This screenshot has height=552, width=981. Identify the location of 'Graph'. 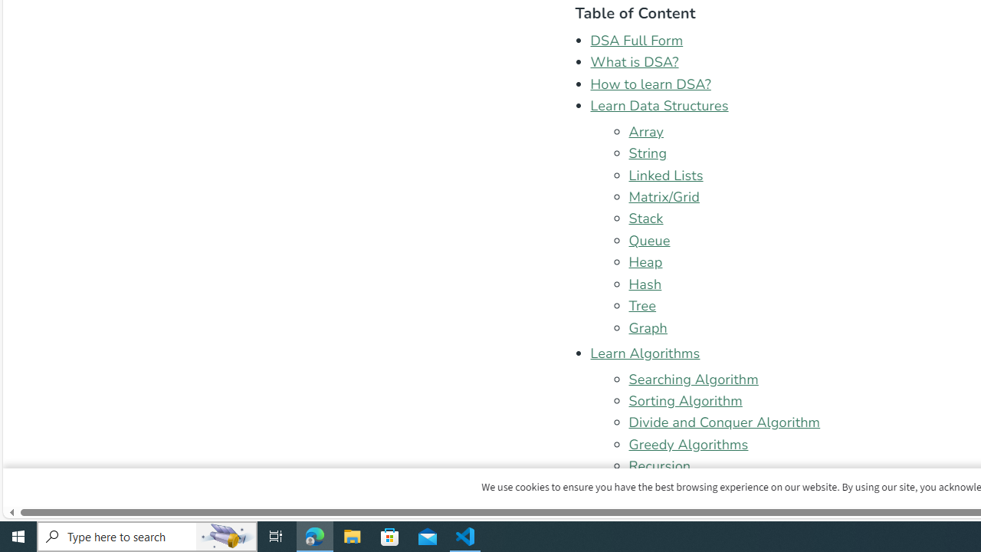
(648, 327).